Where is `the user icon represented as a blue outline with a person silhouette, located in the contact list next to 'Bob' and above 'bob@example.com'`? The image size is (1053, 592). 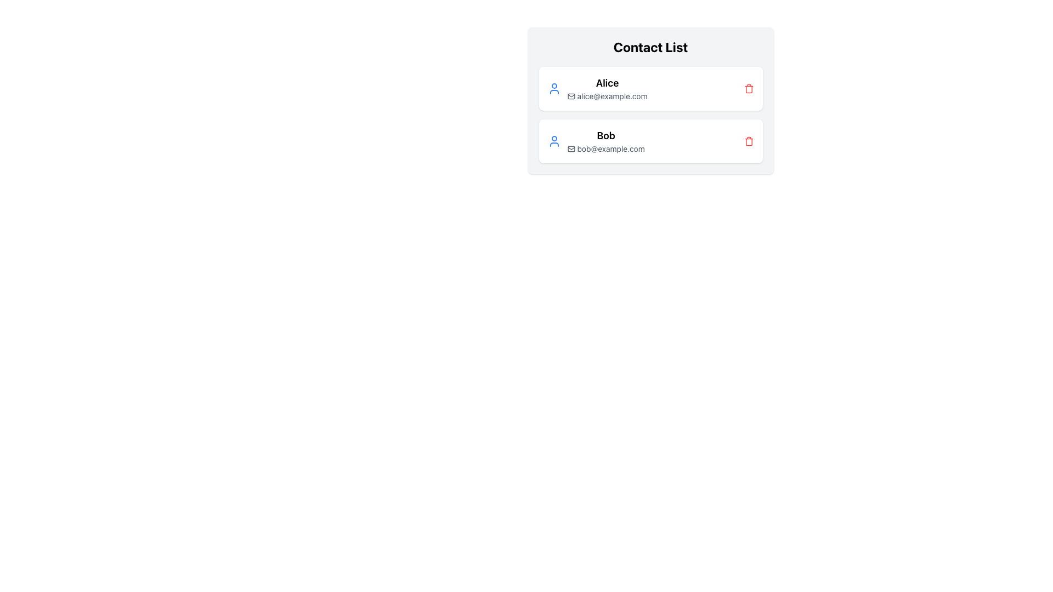 the user icon represented as a blue outline with a person silhouette, located in the contact list next to 'Bob' and above 'bob@example.com' is located at coordinates (554, 141).